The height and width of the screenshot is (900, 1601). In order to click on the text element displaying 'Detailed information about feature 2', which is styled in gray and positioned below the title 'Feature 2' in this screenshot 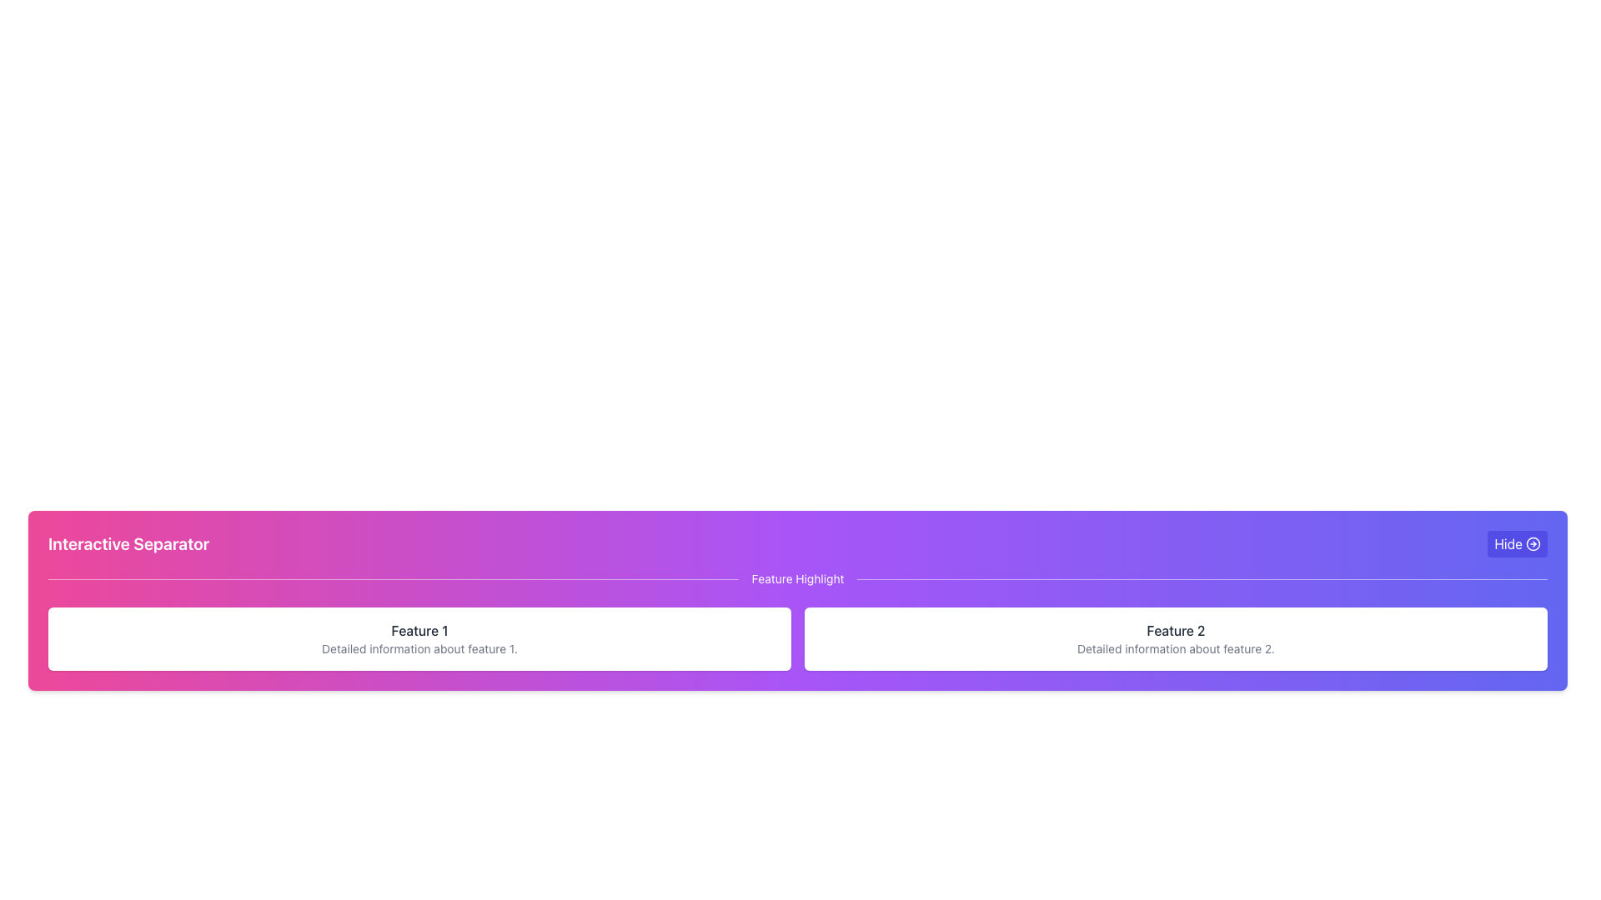, I will do `click(1175, 648)`.